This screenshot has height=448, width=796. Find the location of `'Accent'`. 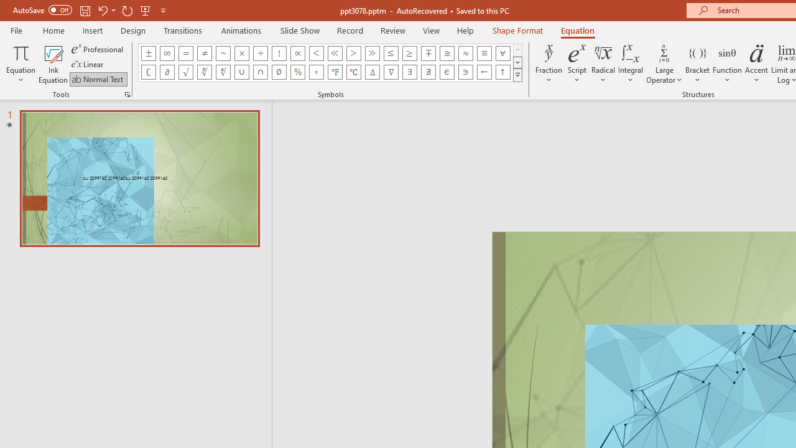

'Accent' is located at coordinates (756, 64).